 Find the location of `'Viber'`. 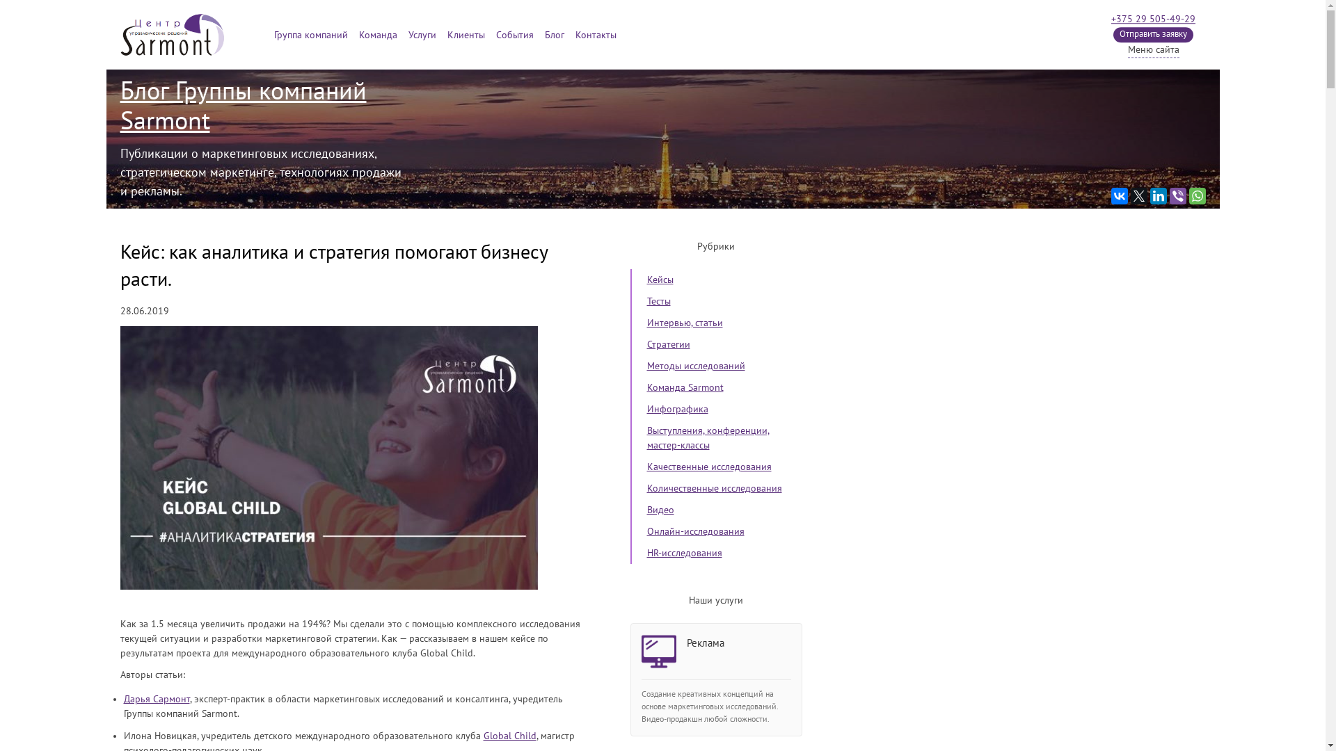

'Viber' is located at coordinates (1169, 195).